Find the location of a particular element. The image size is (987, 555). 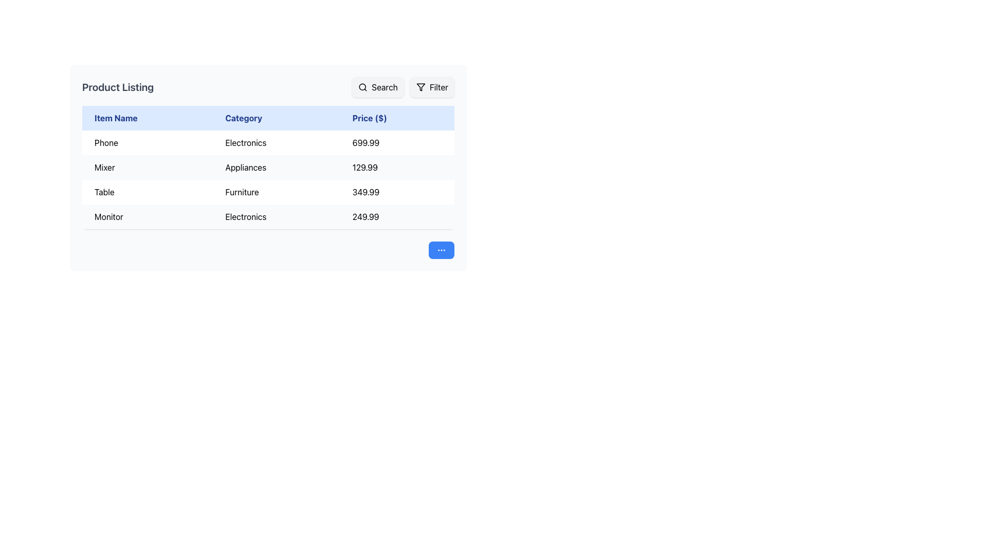

the second table row displaying product information, which includes the name, category, and price is located at coordinates (268, 167).